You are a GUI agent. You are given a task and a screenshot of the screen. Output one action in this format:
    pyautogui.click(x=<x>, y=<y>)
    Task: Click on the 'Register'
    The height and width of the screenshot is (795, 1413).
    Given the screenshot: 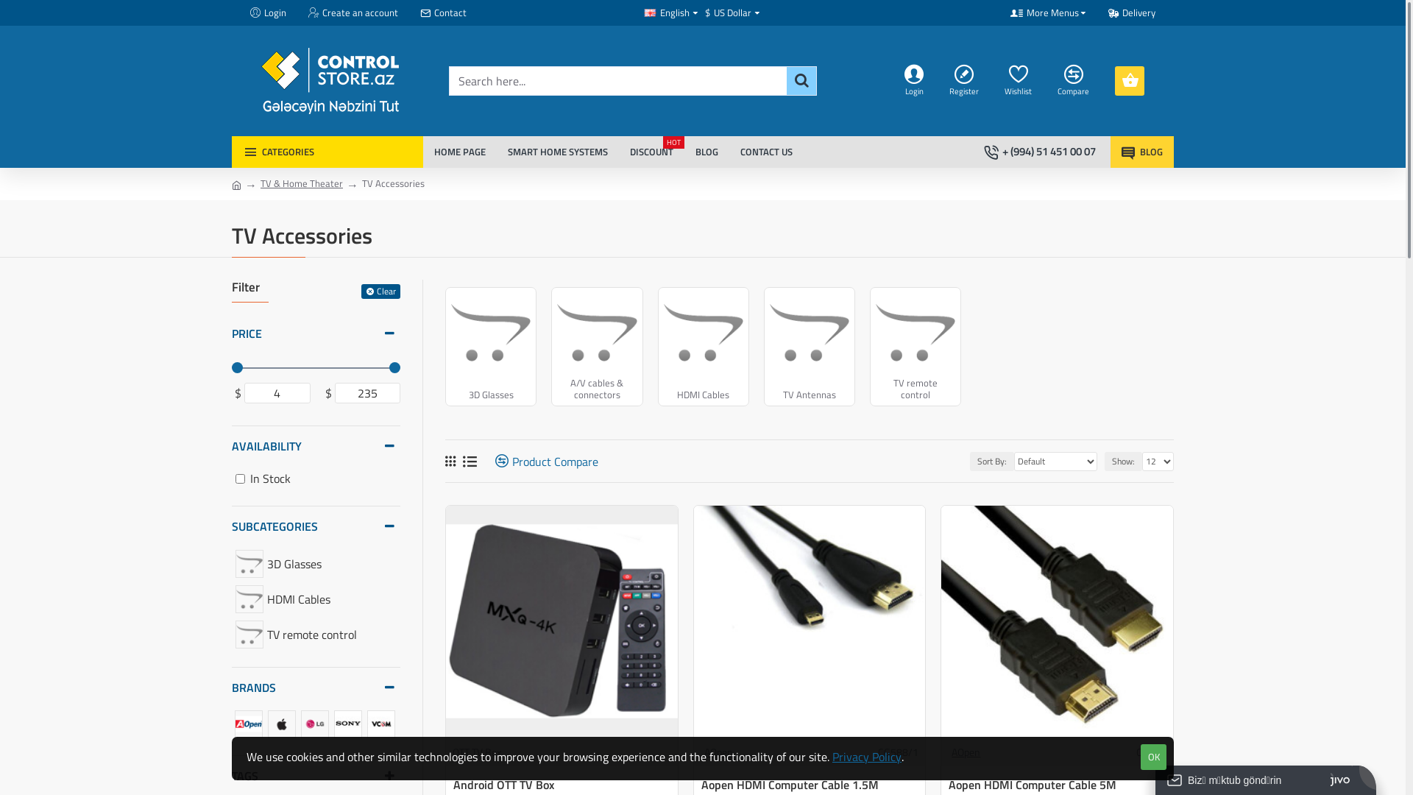 What is the action you would take?
    pyautogui.click(x=966, y=81)
    